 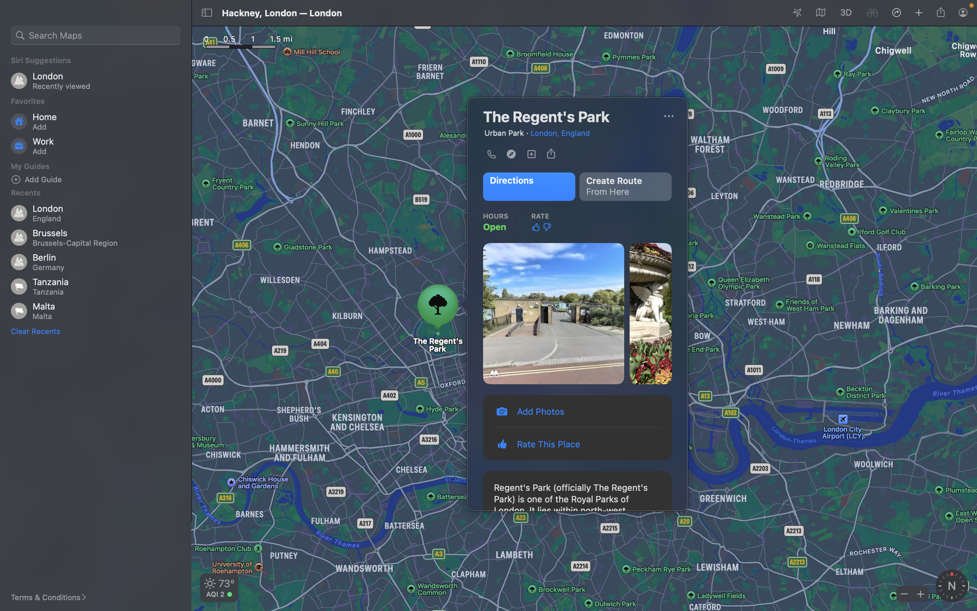 I want to click on Activate a call from the available options at the top right, so click(x=668, y=116).